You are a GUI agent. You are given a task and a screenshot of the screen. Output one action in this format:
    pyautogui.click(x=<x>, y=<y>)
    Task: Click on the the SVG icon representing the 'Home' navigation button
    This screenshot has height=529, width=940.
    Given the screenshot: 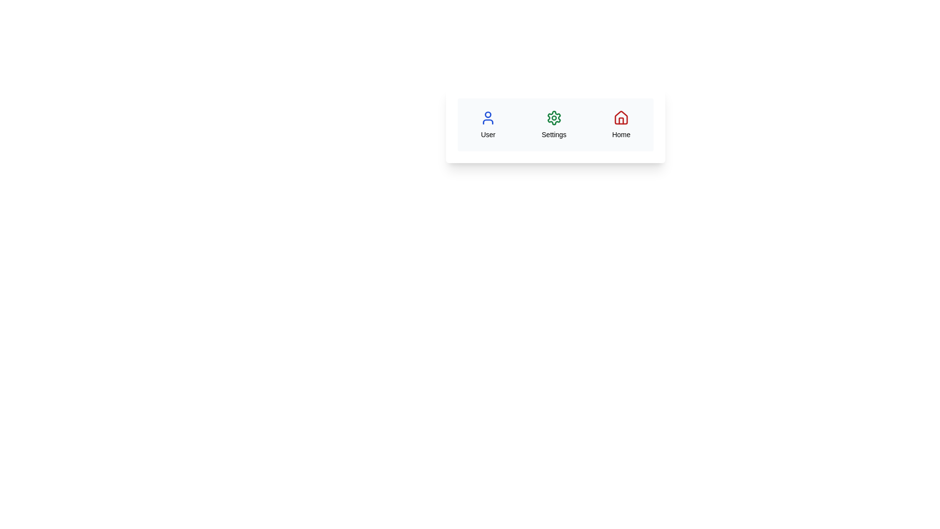 What is the action you would take?
    pyautogui.click(x=621, y=117)
    